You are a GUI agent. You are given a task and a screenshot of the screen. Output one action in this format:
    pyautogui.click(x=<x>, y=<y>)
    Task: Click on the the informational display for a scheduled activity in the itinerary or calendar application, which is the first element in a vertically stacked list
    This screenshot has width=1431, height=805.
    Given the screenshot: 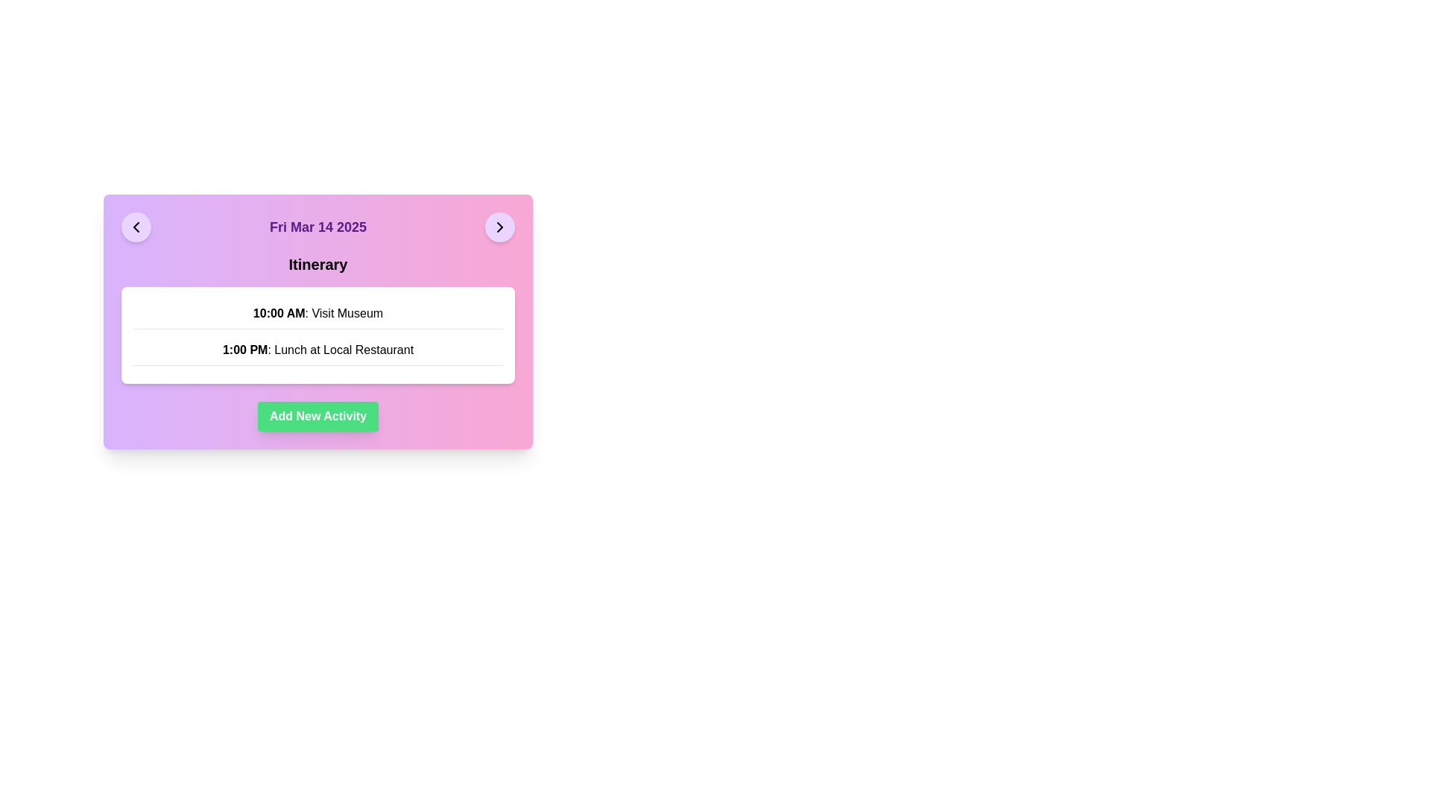 What is the action you would take?
    pyautogui.click(x=318, y=312)
    